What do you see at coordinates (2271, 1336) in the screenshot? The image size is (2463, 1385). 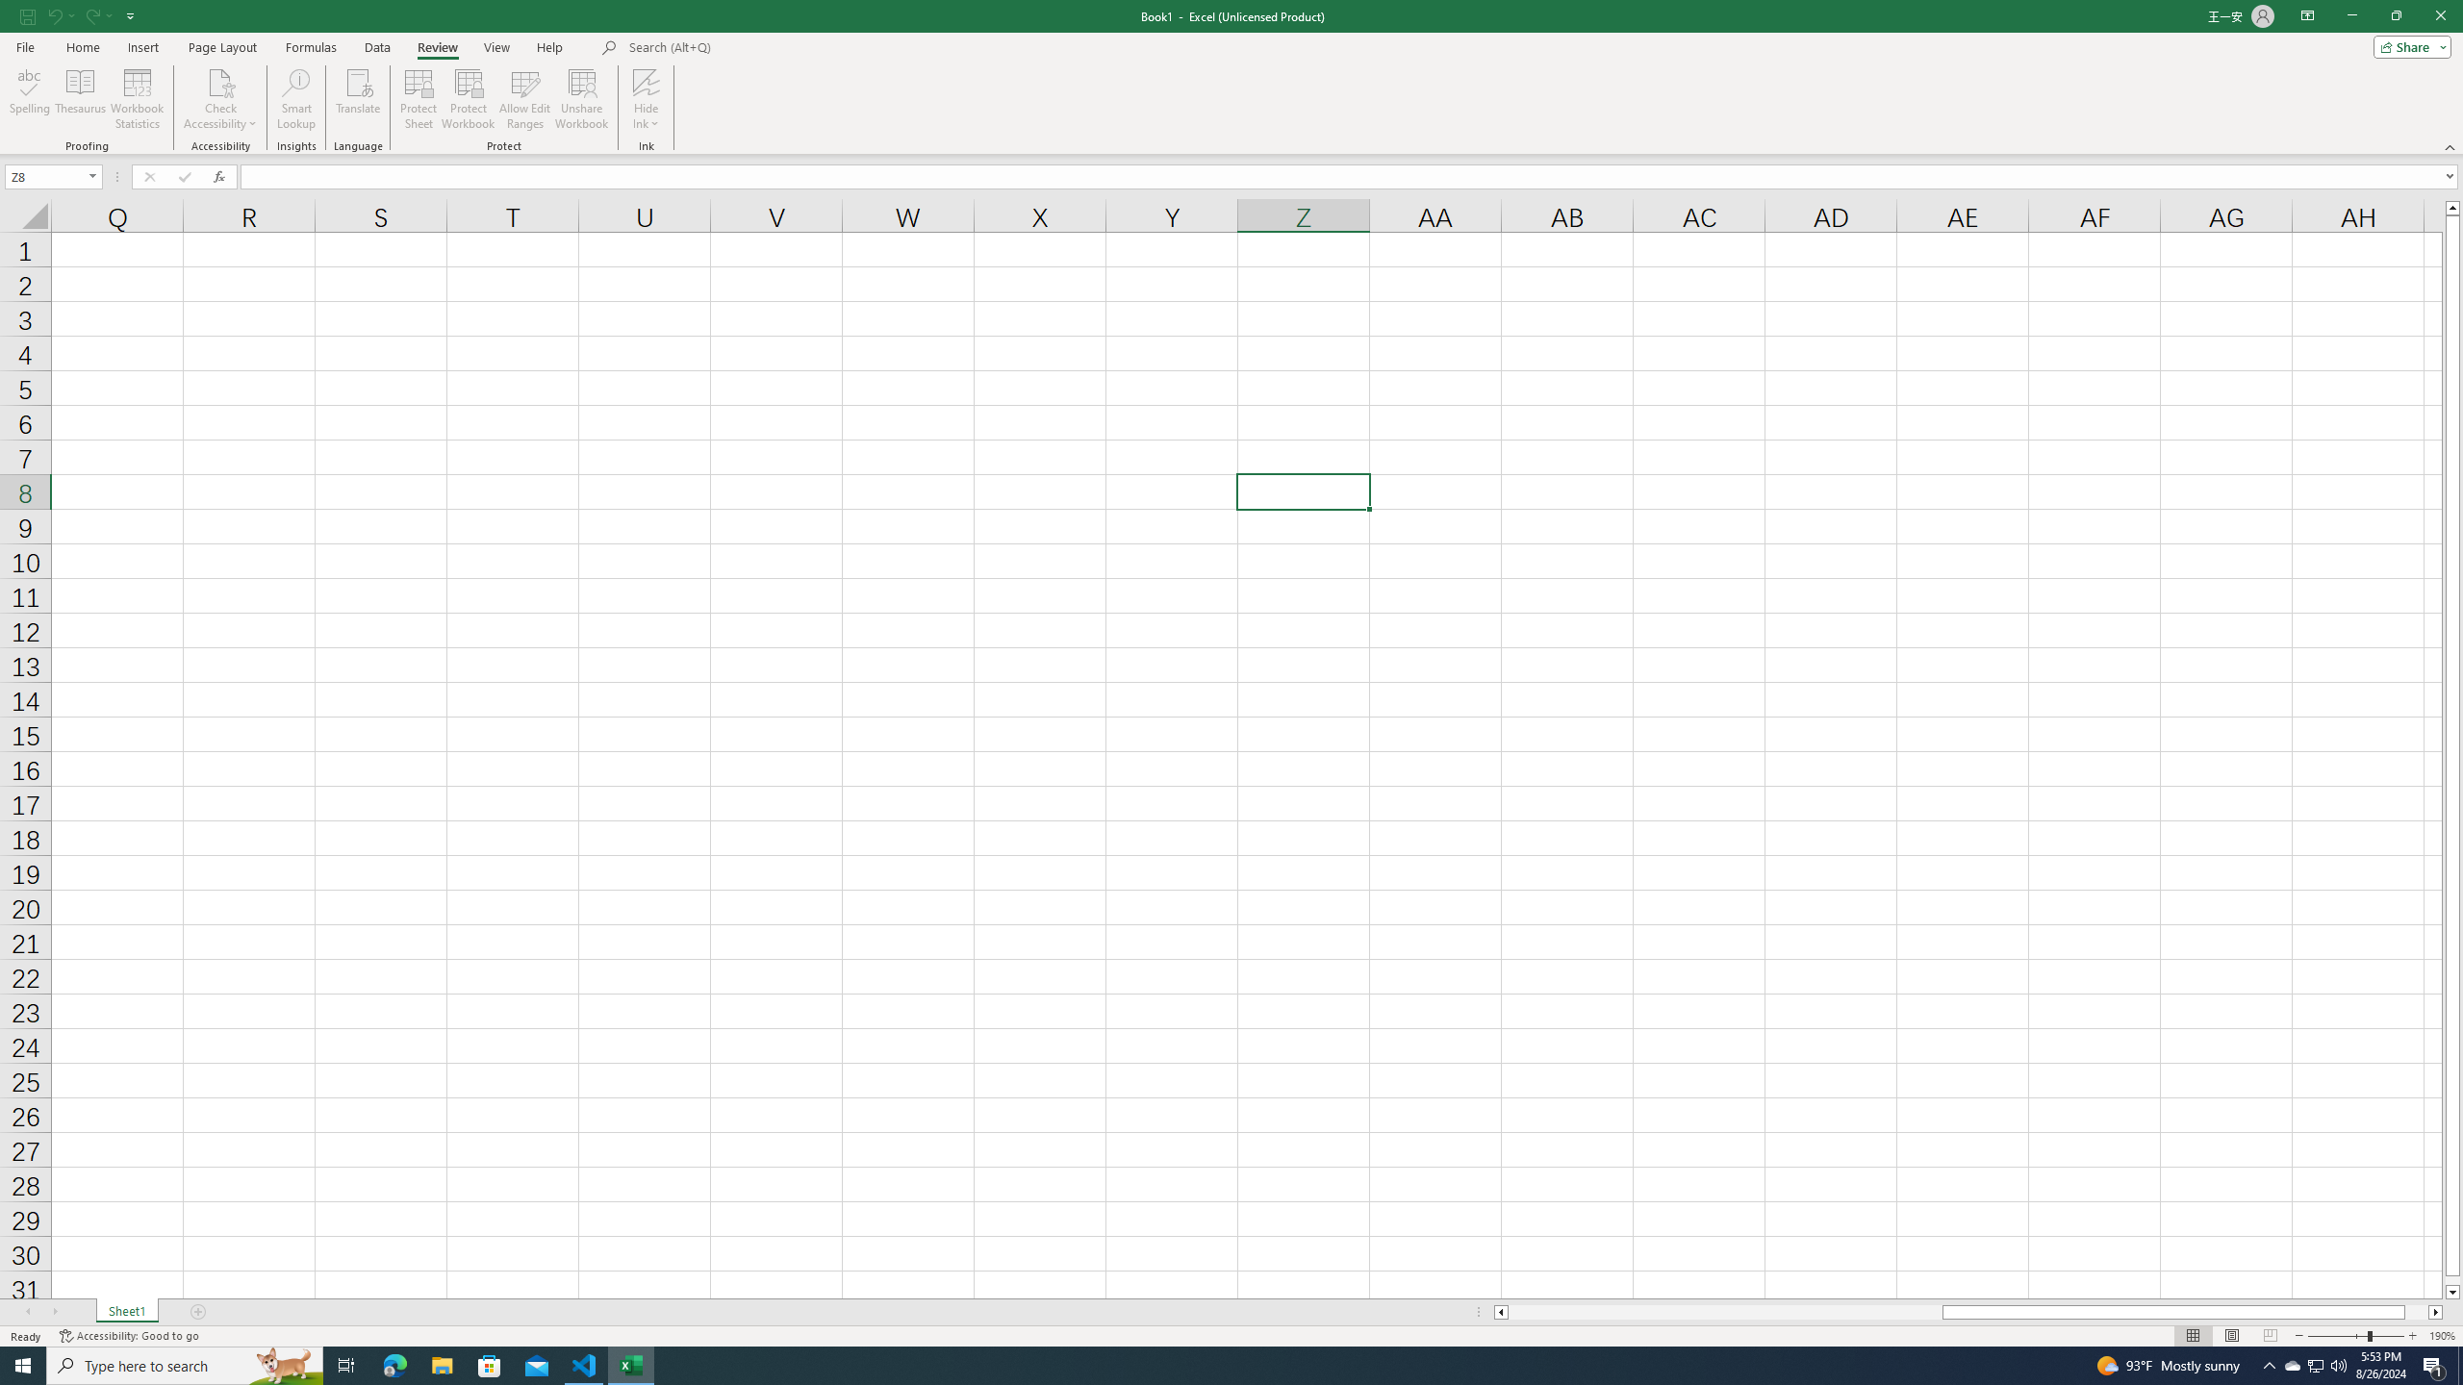 I see `'Page Break Preview'` at bounding box center [2271, 1336].